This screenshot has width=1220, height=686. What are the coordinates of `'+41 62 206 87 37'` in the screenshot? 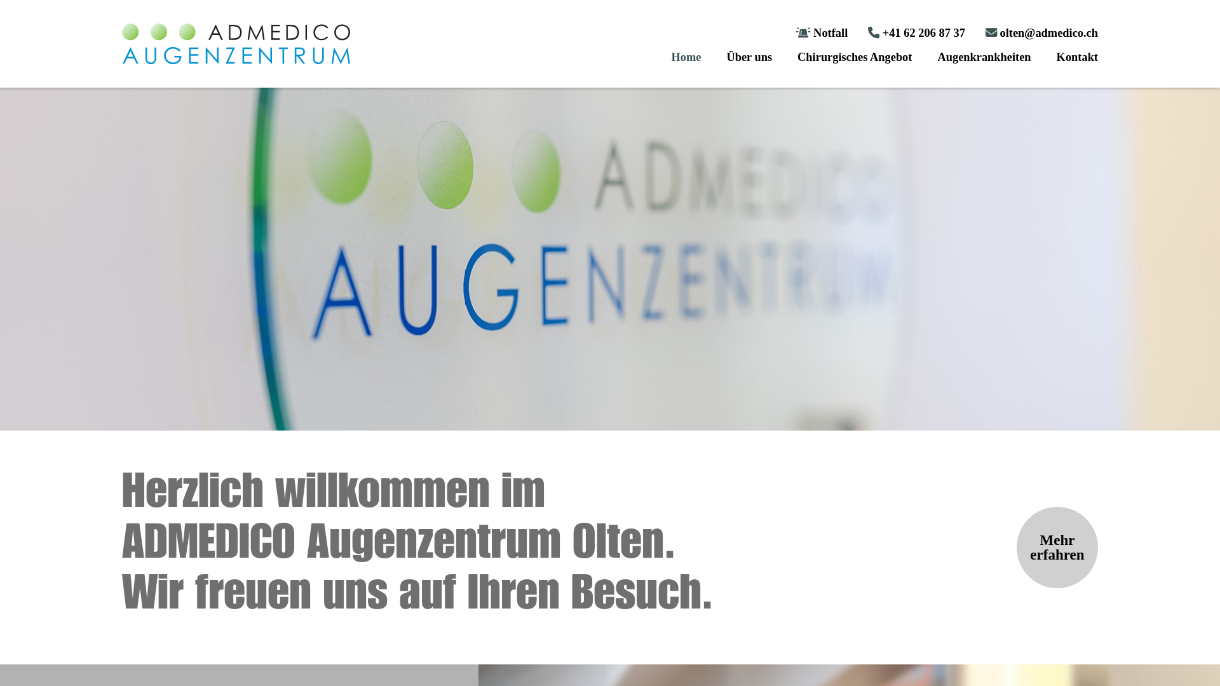 It's located at (867, 32).